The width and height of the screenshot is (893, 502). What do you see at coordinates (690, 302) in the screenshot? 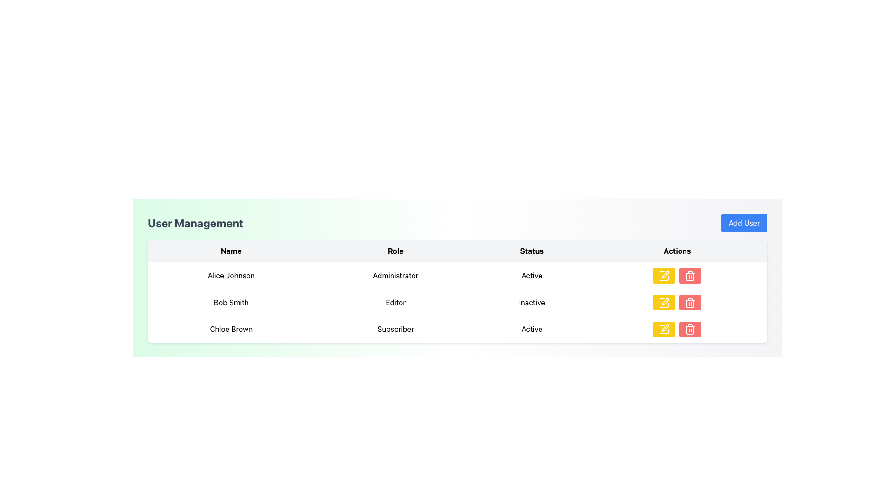
I see `the delete button located in the last column of the second row in the 'Actions' section of the table` at bounding box center [690, 302].